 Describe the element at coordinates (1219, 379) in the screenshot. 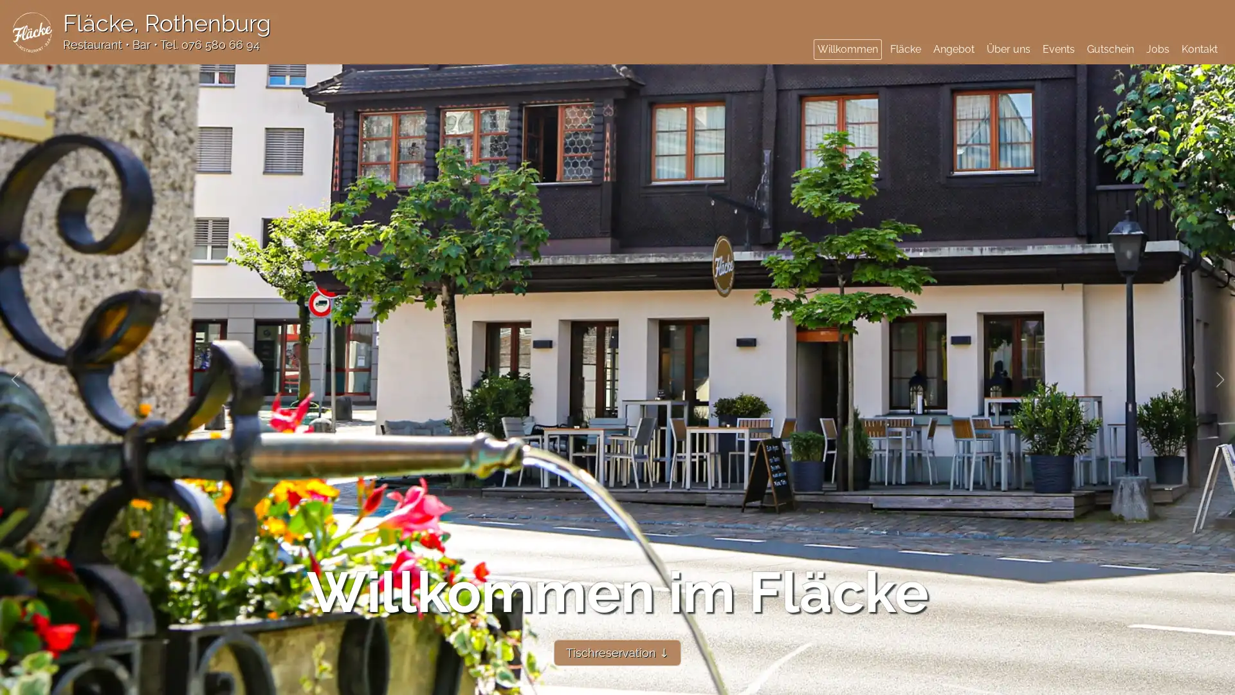

I see `Next slide` at that location.